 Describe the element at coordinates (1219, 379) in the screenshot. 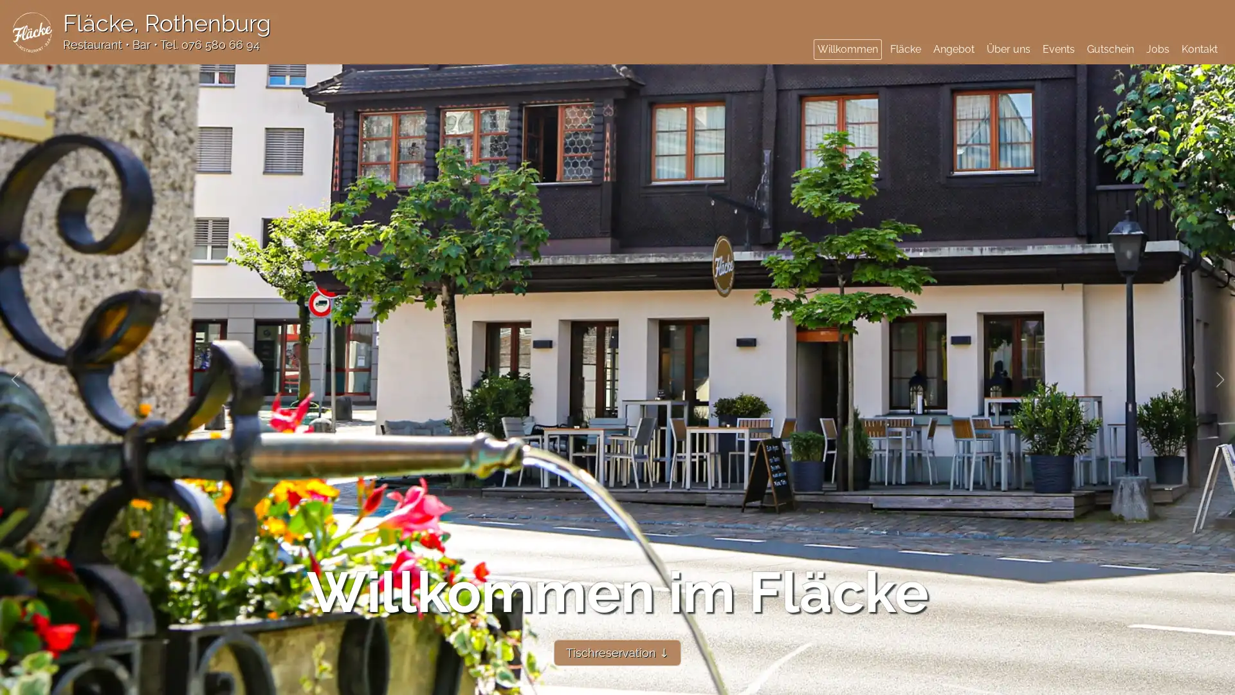

I see `Next slide` at that location.